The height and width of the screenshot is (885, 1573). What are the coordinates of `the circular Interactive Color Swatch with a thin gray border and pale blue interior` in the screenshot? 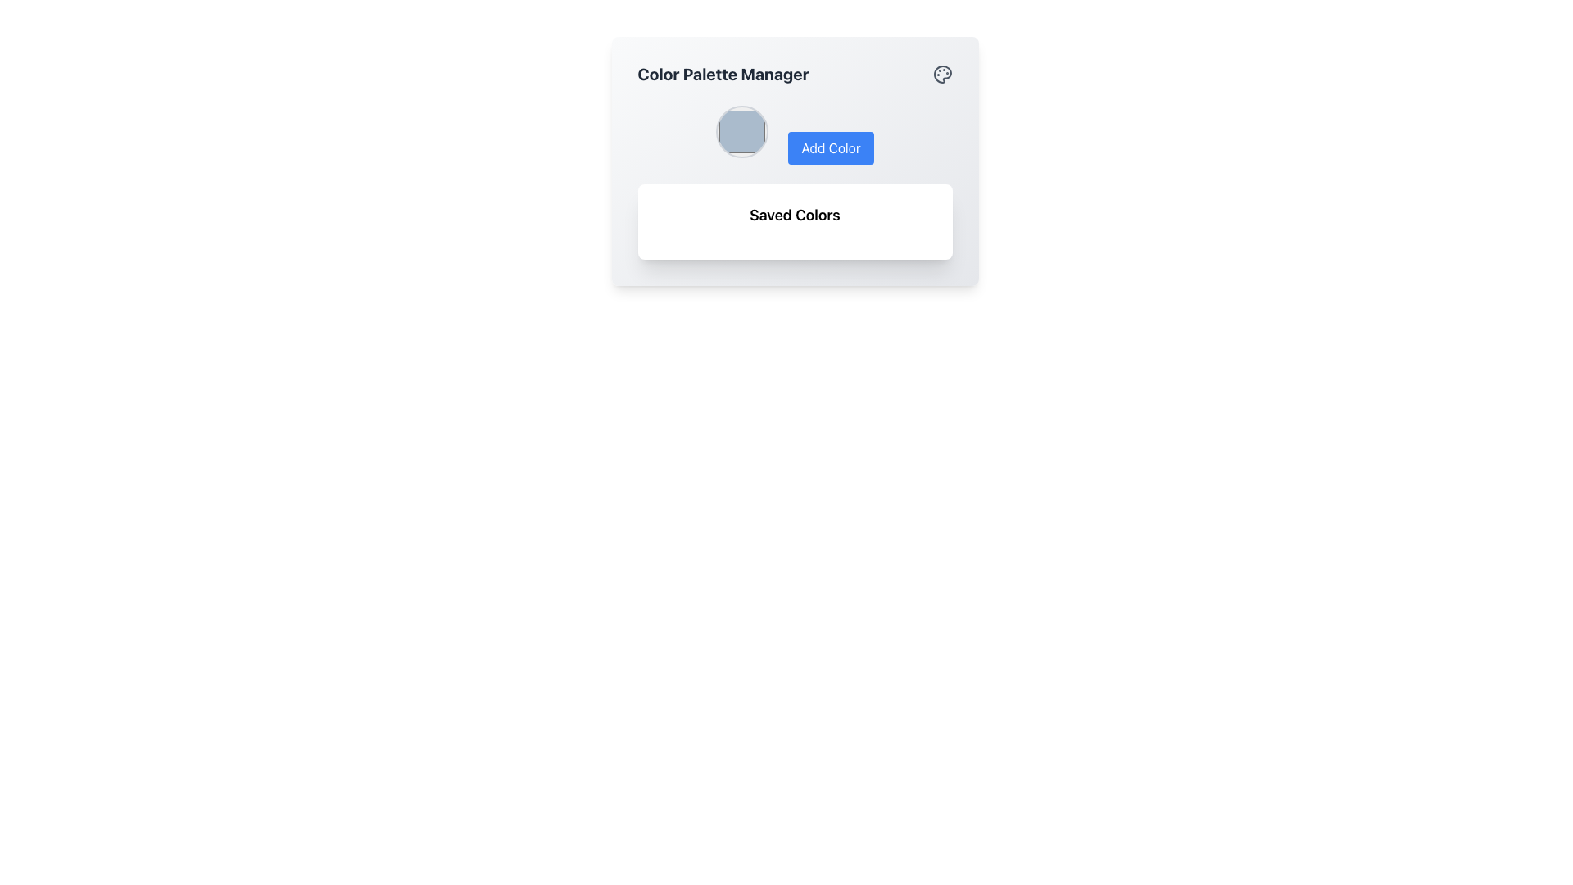 It's located at (741, 131).